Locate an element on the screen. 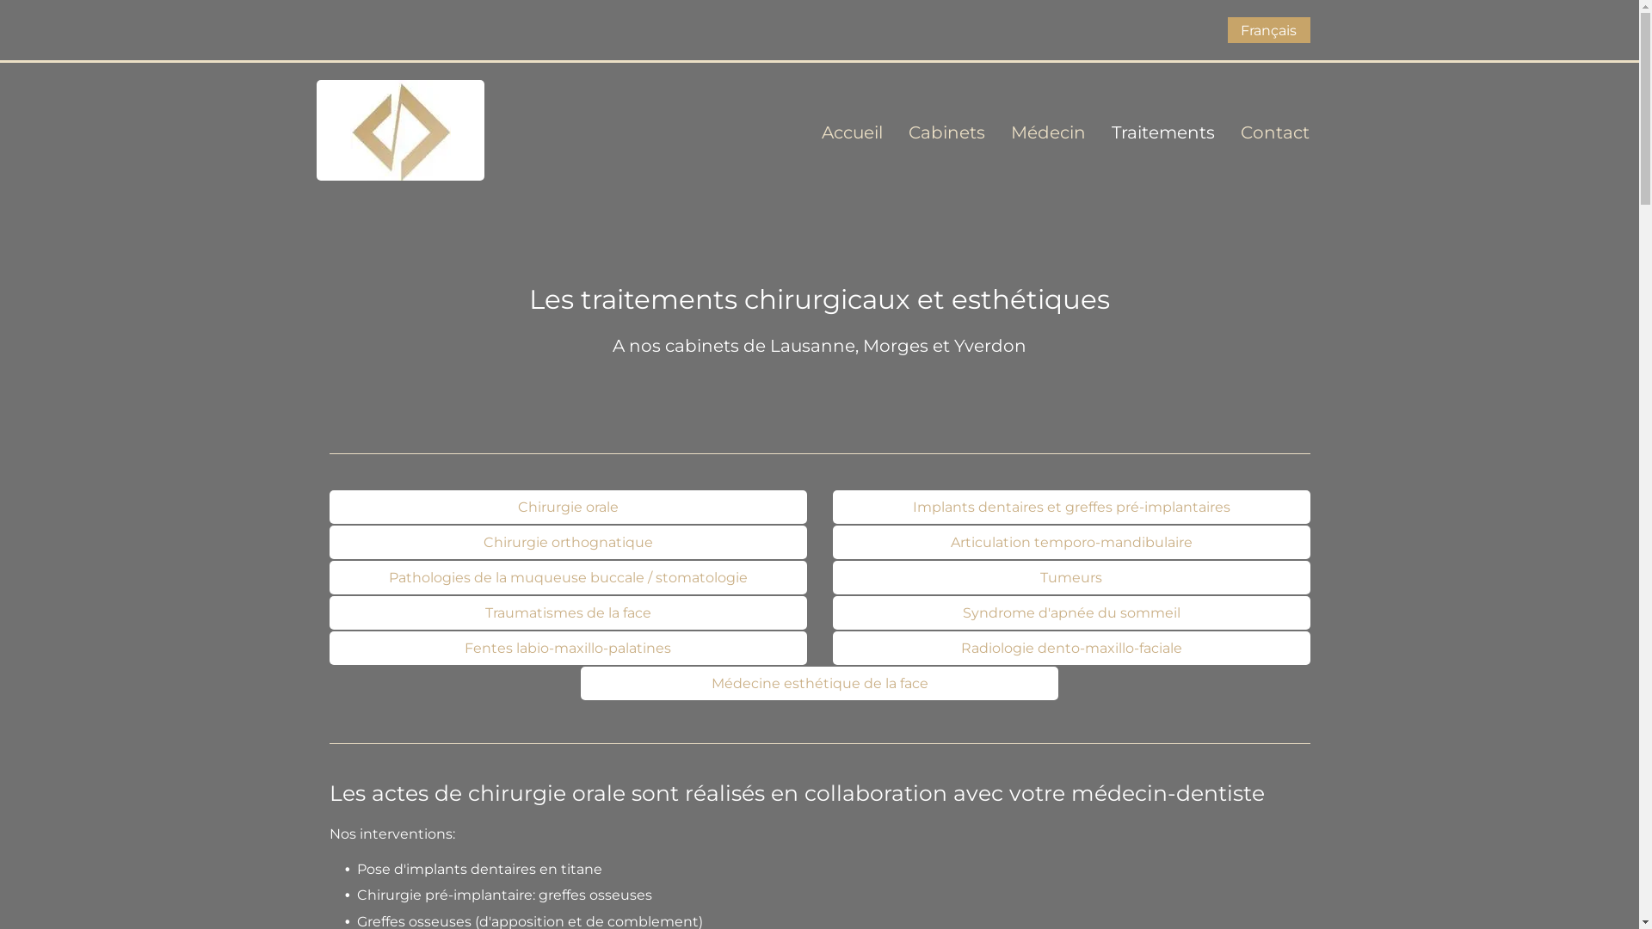 This screenshot has width=1652, height=929. 'Cabinets' is located at coordinates (933, 132).